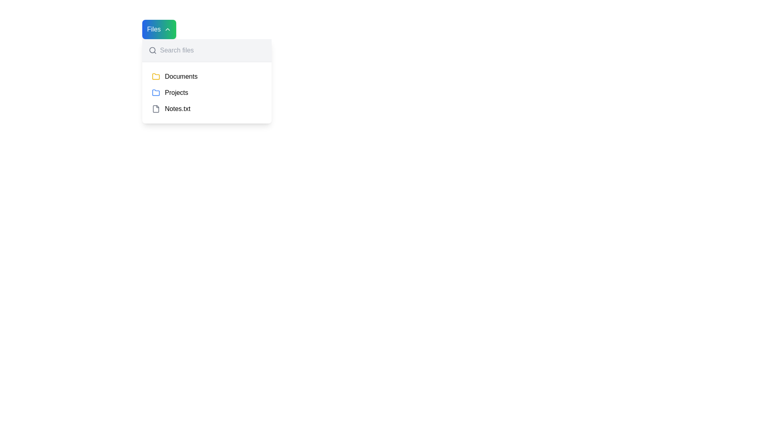  What do you see at coordinates (156, 109) in the screenshot?
I see `the file icon representing 'Notes.txt', which is located at the beginning of the row labeled 'Notes.txt', the third item in a vertical list of files and folders` at bounding box center [156, 109].